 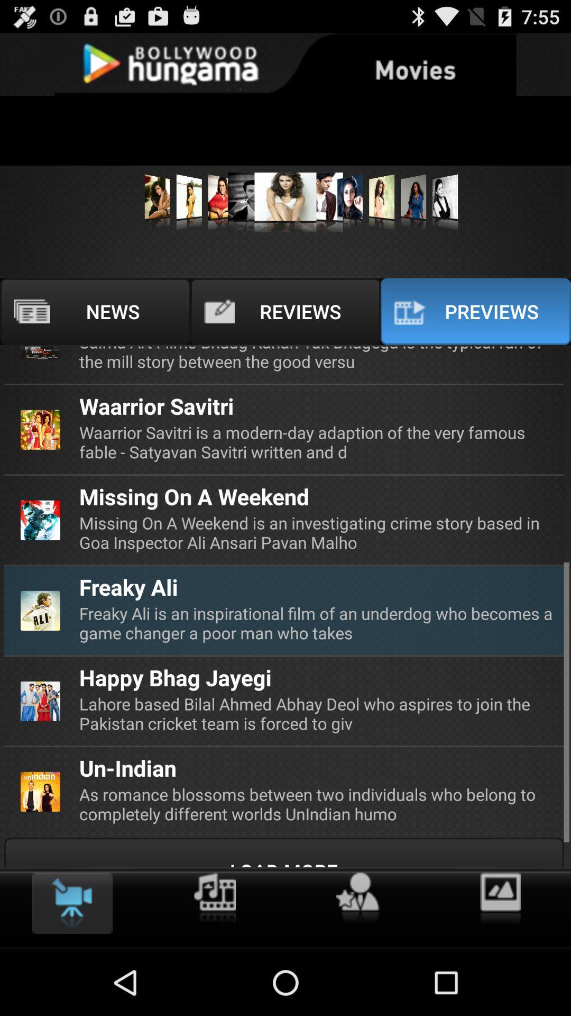 What do you see at coordinates (475, 311) in the screenshot?
I see `the previews` at bounding box center [475, 311].